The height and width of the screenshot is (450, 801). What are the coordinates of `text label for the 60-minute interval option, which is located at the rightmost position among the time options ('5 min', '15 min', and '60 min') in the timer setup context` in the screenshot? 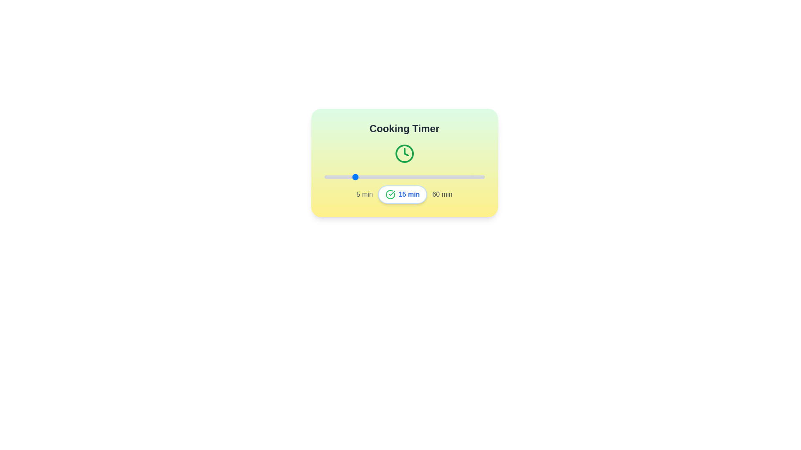 It's located at (442, 194).